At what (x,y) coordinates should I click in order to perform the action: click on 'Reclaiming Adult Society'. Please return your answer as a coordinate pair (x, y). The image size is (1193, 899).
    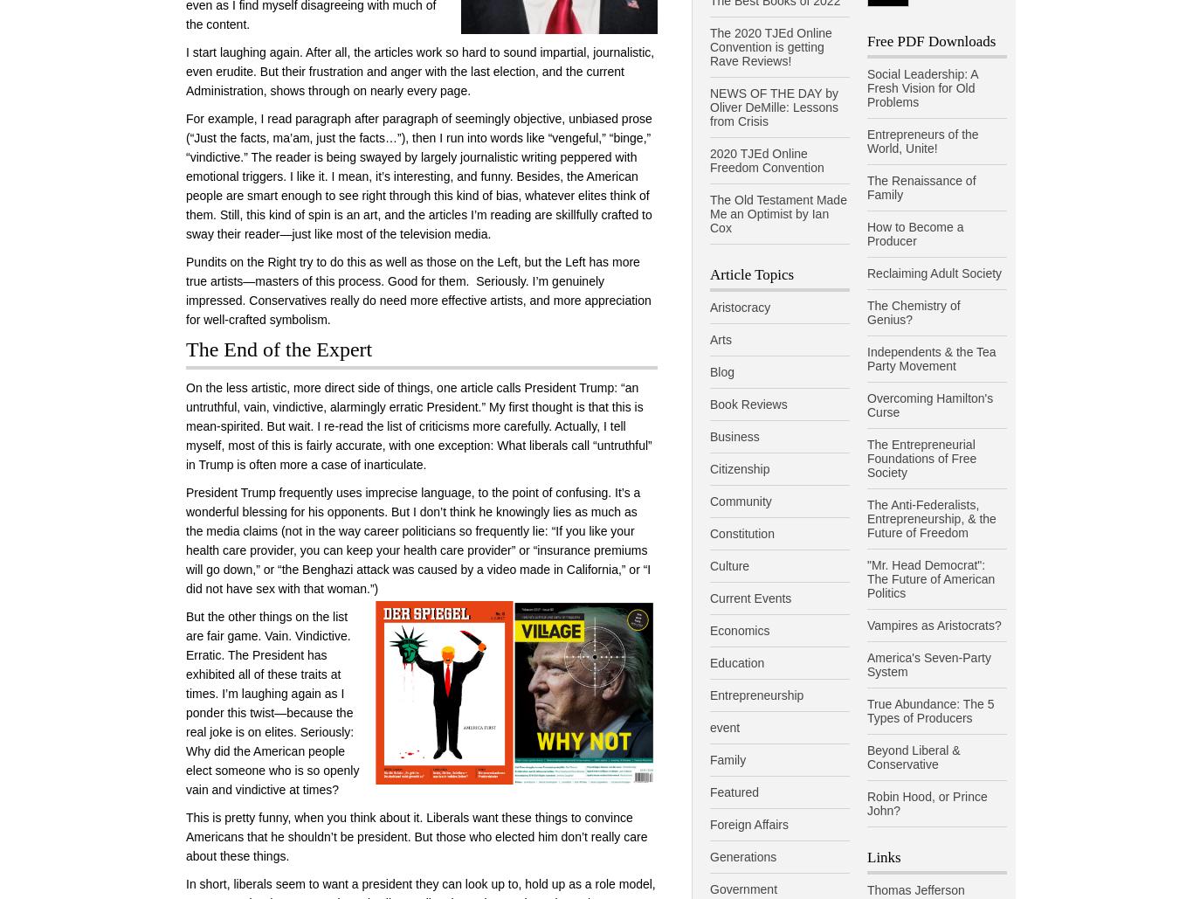
    Looking at the image, I should click on (866, 272).